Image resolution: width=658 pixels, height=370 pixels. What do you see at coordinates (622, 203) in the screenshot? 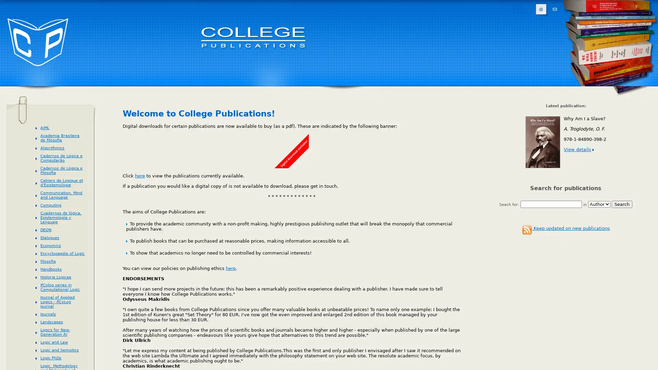
I see `Search` at bounding box center [622, 203].